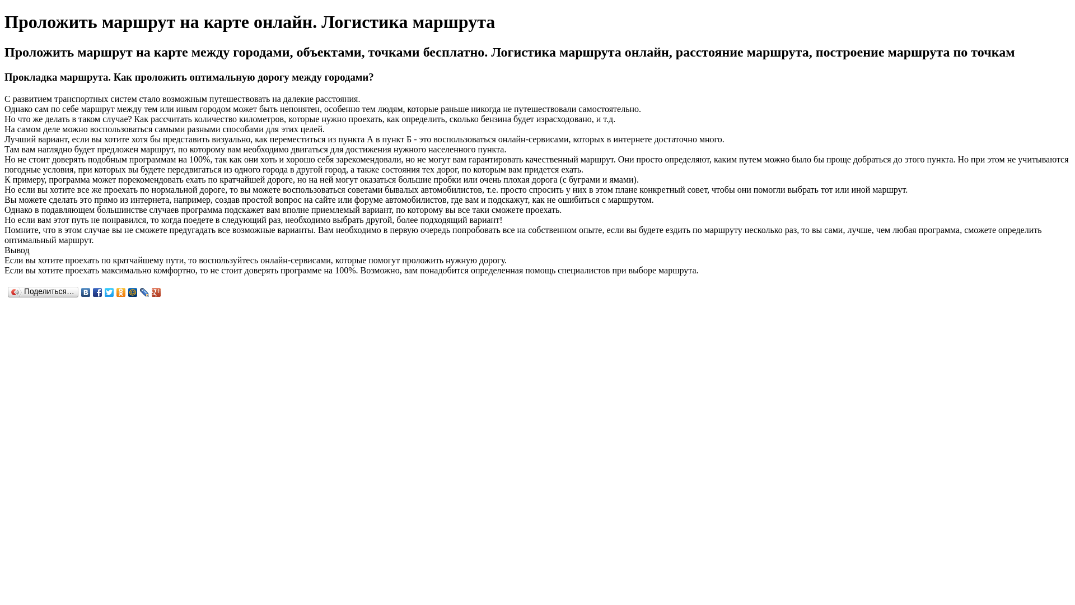  I want to click on 'LiveJournal', so click(144, 291).